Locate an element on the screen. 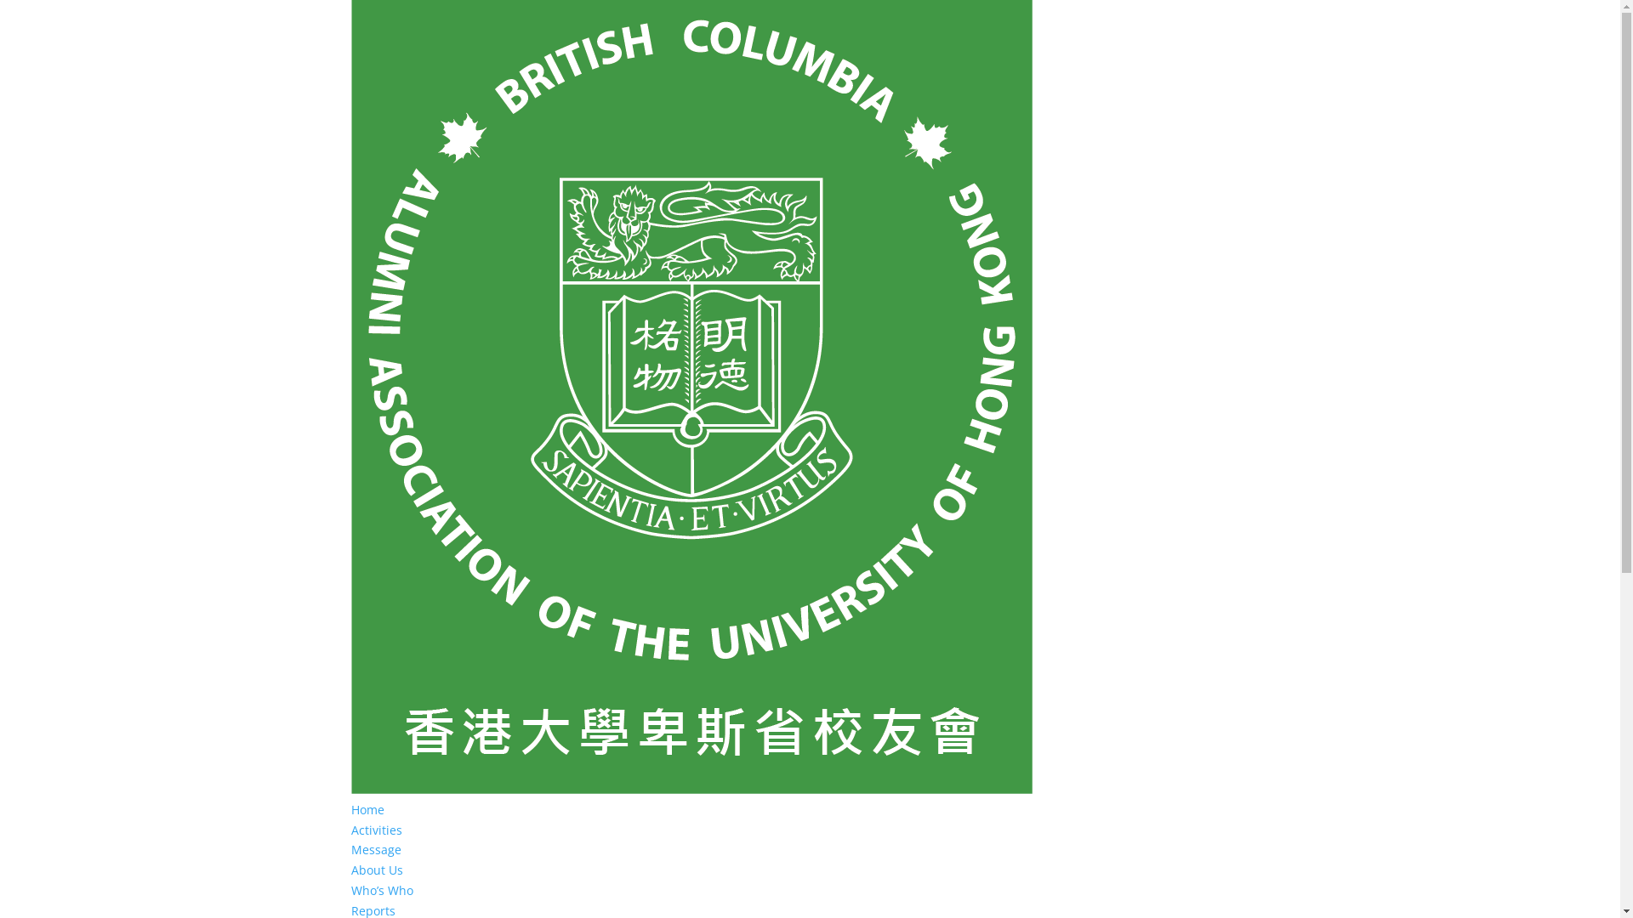 The width and height of the screenshot is (1633, 918). 'Home' is located at coordinates (366, 808).